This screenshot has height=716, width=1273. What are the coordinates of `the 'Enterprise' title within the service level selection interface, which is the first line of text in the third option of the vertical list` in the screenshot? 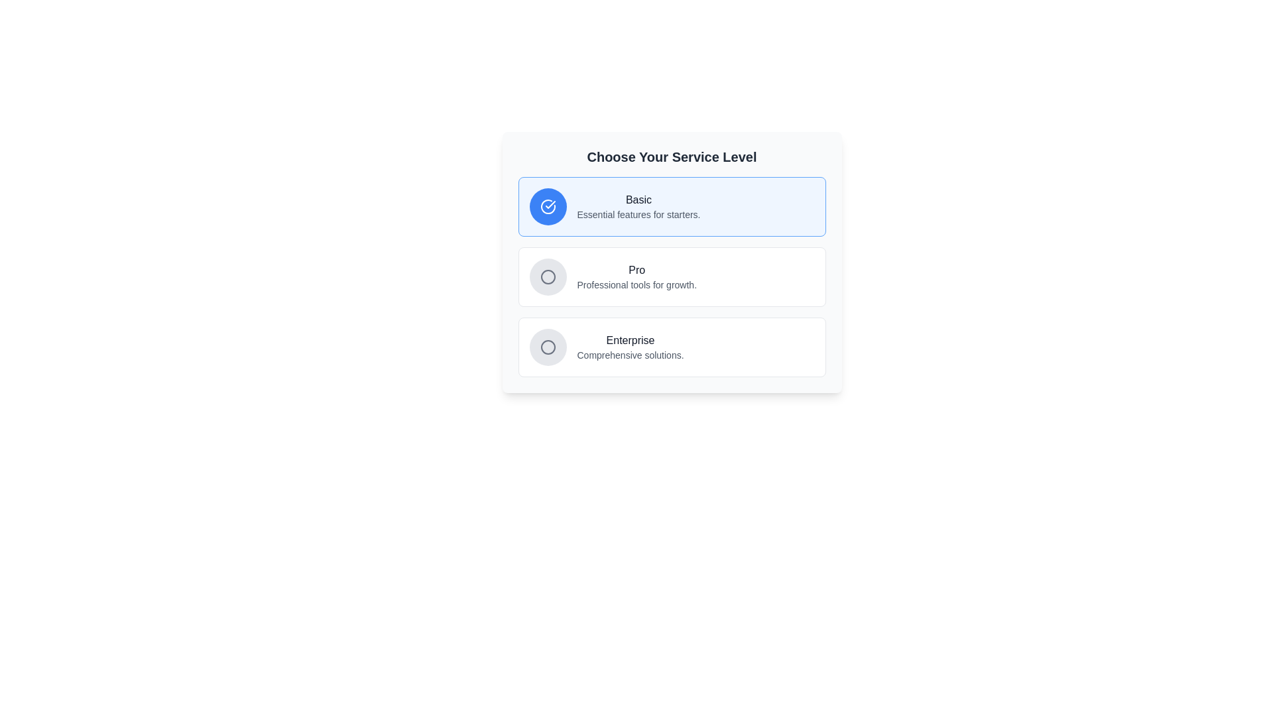 It's located at (629, 339).